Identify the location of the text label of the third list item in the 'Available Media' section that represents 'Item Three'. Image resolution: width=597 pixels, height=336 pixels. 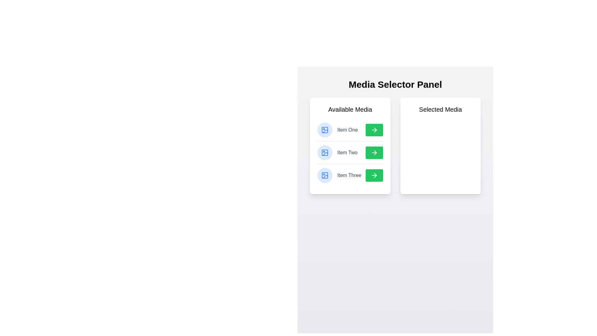
(350, 175).